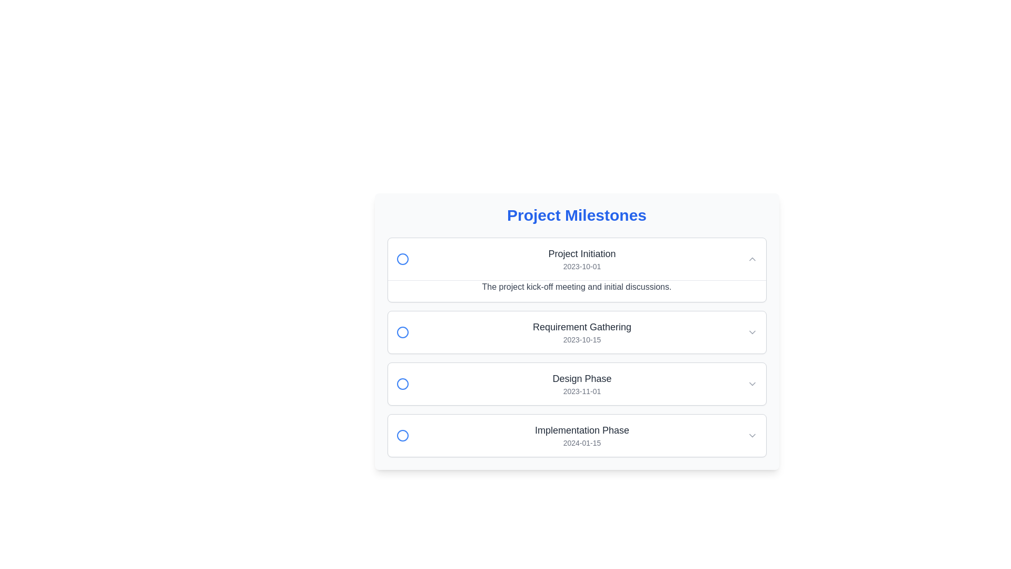 The width and height of the screenshot is (1011, 569). What do you see at coordinates (581, 443) in the screenshot?
I see `the text label representing the date related to the 'Implementation Phase', located below 'Implementation Phase' and to the right of the section's radio button in the 'Project Milestones' list` at bounding box center [581, 443].